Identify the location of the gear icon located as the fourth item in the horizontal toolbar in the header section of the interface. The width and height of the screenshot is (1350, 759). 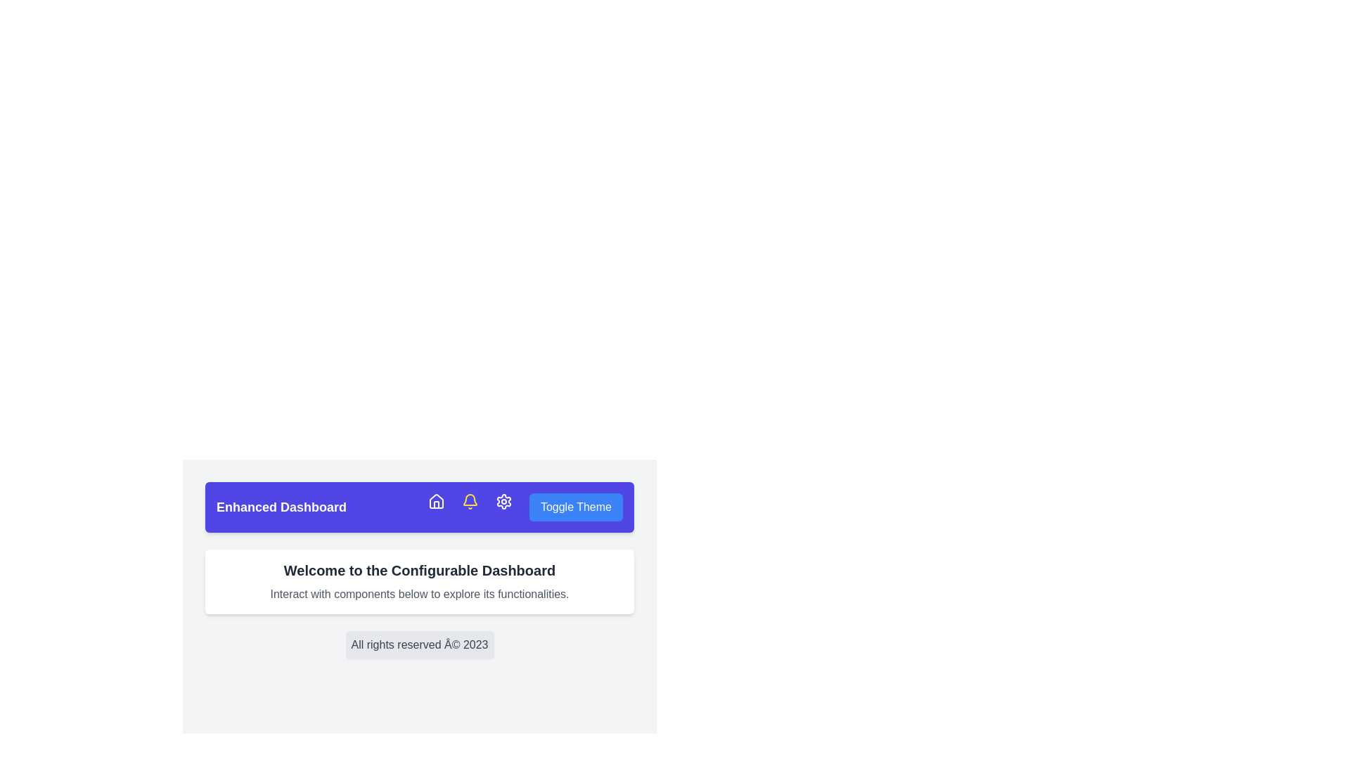
(503, 500).